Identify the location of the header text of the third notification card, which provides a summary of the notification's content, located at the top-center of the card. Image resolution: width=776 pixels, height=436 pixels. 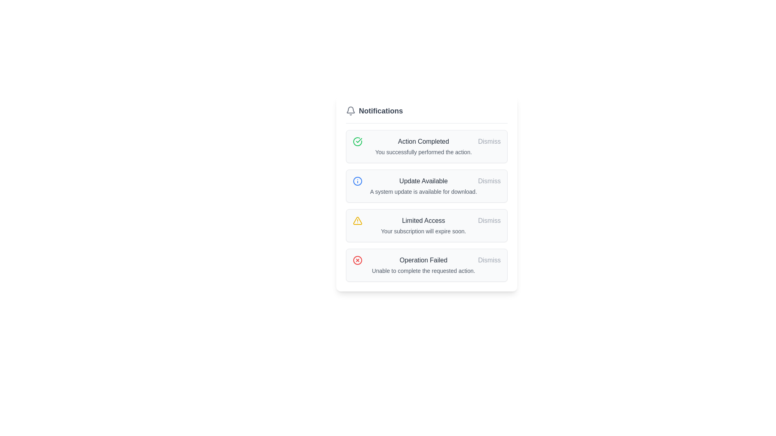
(423, 221).